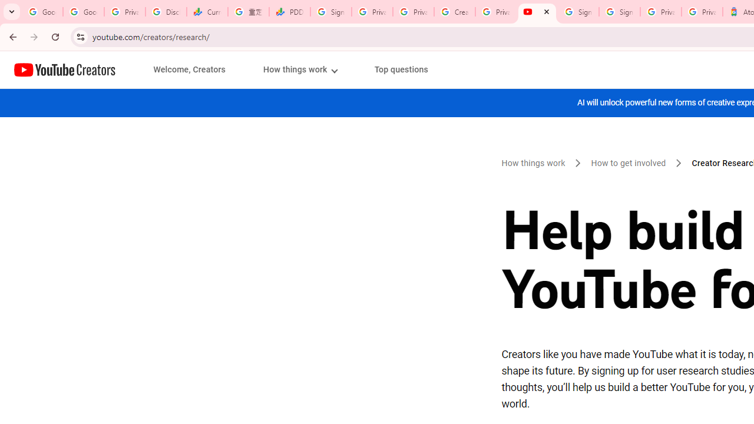  What do you see at coordinates (629, 163) in the screenshot?
I see `'How to get involved '` at bounding box center [629, 163].